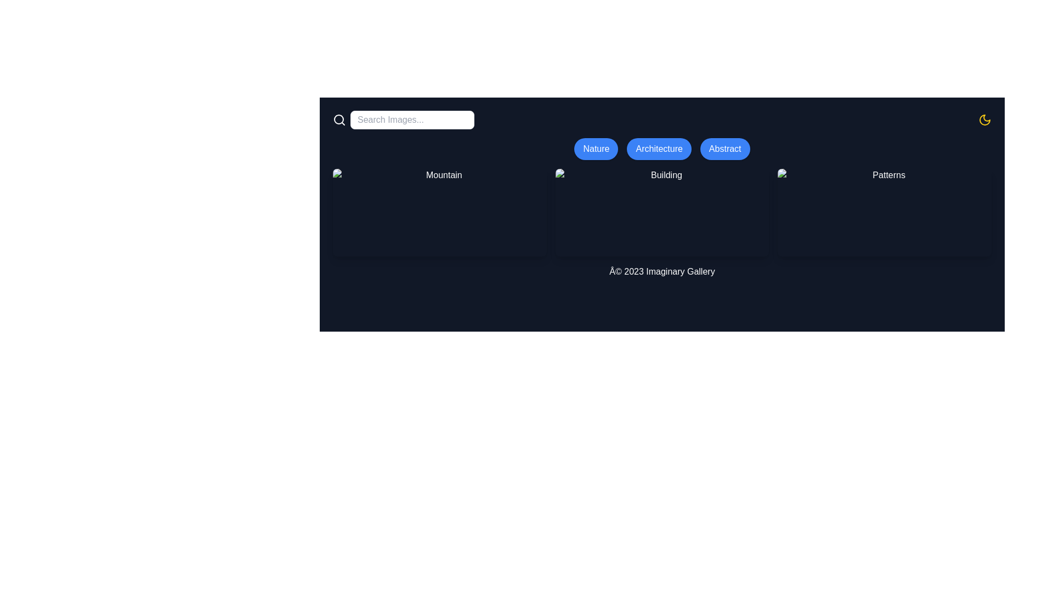 The height and width of the screenshot is (592, 1053). I want to click on the horizontally elongated text input field with a gray placeholder text 'Search Images...' to focus, so click(412, 120).